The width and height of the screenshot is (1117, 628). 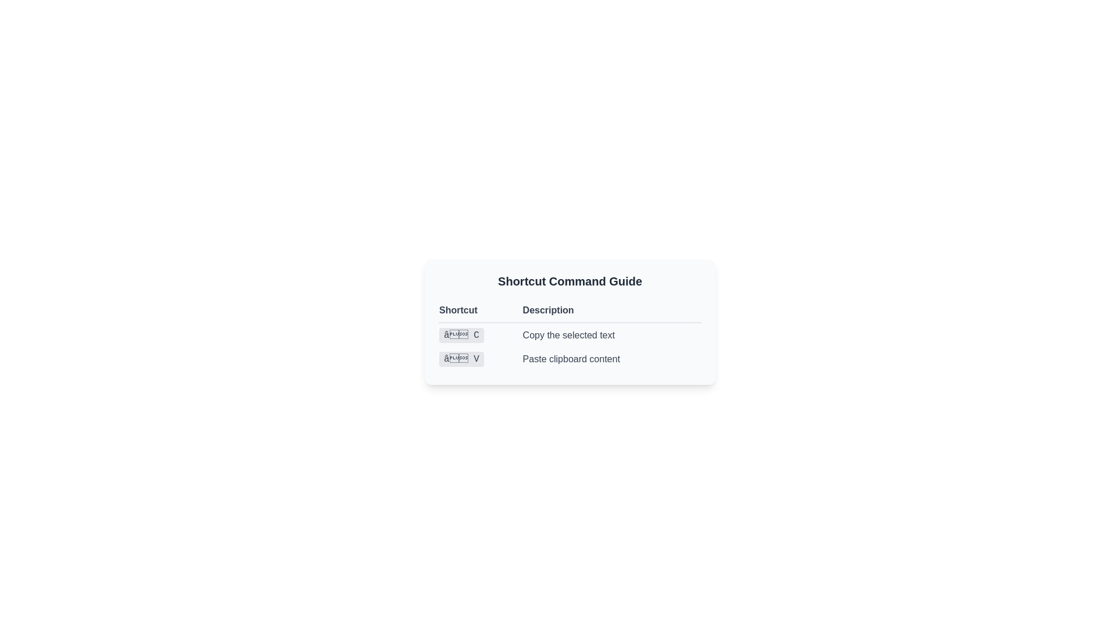 What do you see at coordinates (461, 336) in the screenshot?
I see `the Text label displaying the keyboard shortcut '⌘ C', which is located in the first row of the shortcut column within the 'Shortcut Command Guide' section` at bounding box center [461, 336].